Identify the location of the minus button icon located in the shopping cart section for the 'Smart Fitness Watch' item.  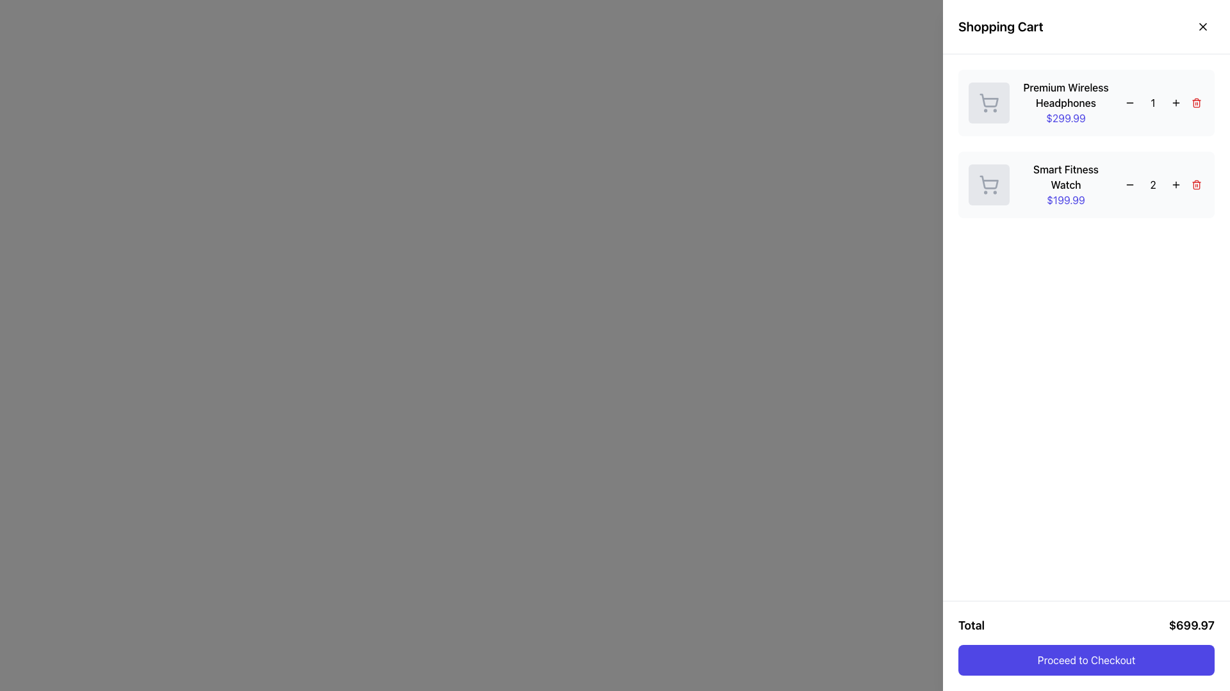
(1129, 185).